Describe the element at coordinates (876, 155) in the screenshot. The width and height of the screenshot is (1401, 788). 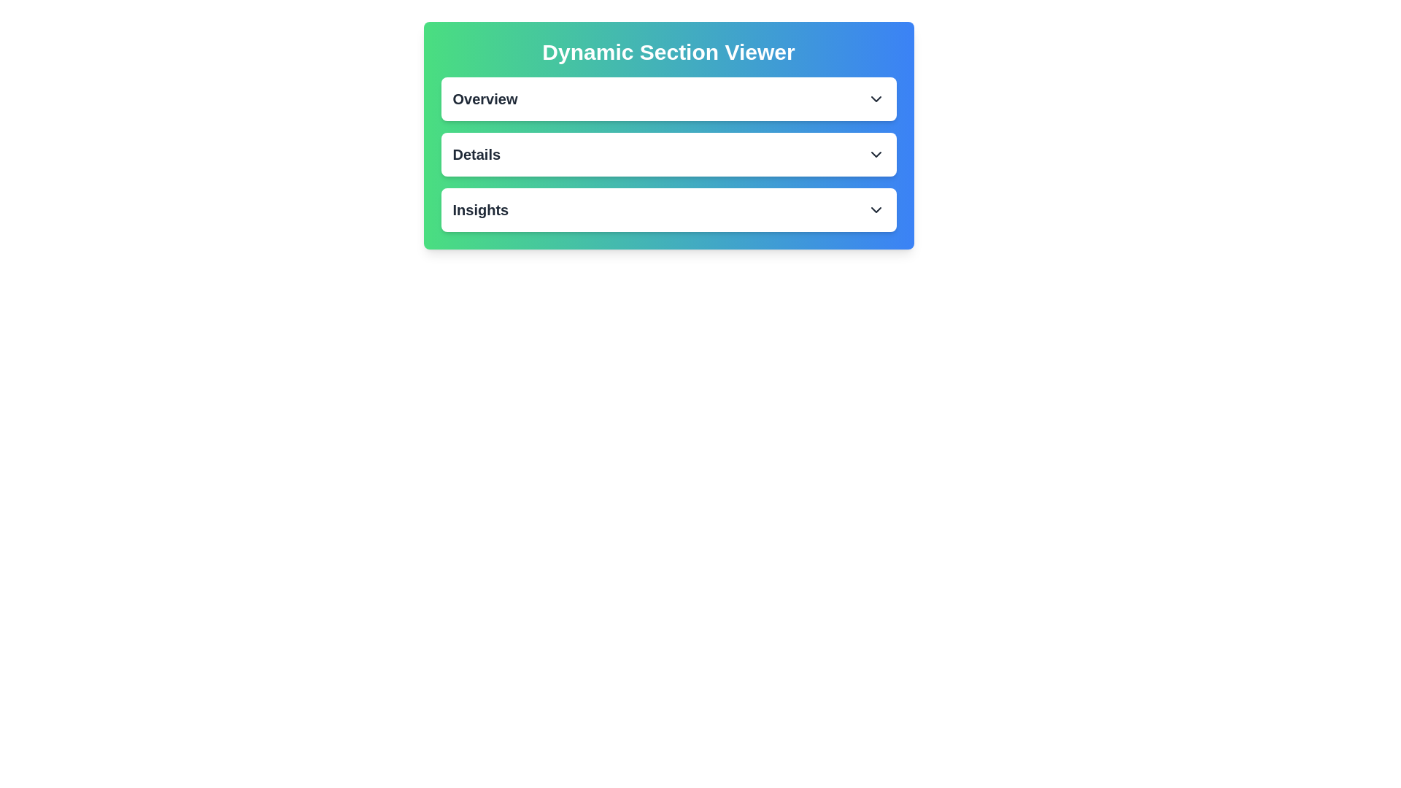
I see `the second chevron-down icon located to the right of the 'Details' text label` at that location.